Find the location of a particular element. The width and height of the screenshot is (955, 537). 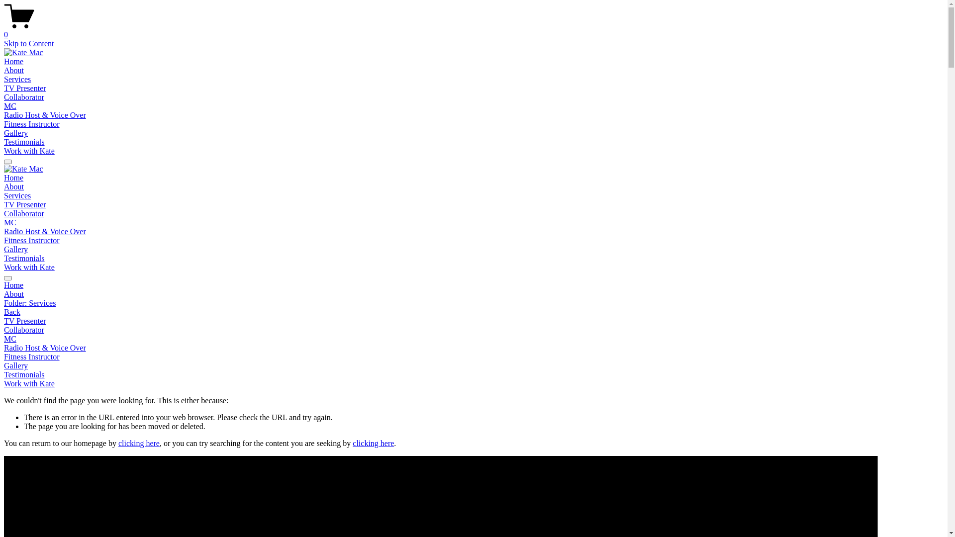

'Fitness Instructor' is located at coordinates (473, 356).